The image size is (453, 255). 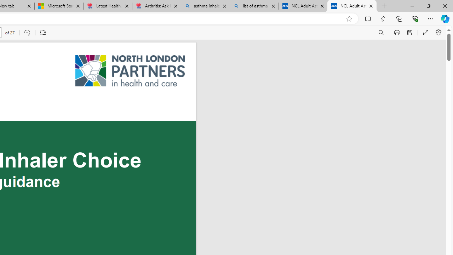 What do you see at coordinates (410, 33) in the screenshot?
I see `'Save (Ctrl+S)'` at bounding box center [410, 33].